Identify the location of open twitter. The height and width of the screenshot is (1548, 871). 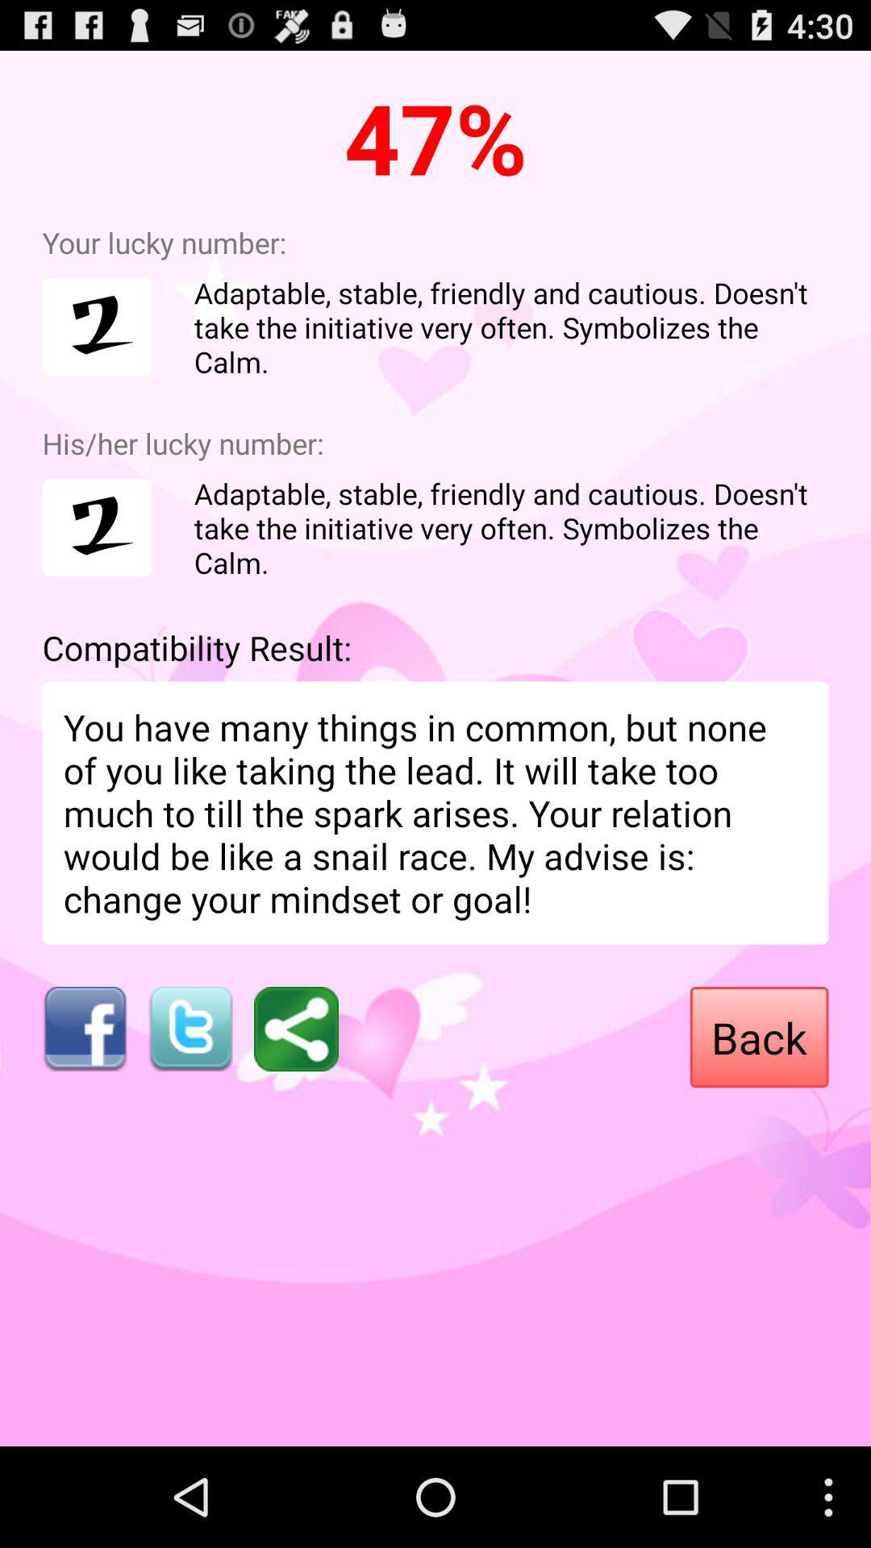
(190, 1028).